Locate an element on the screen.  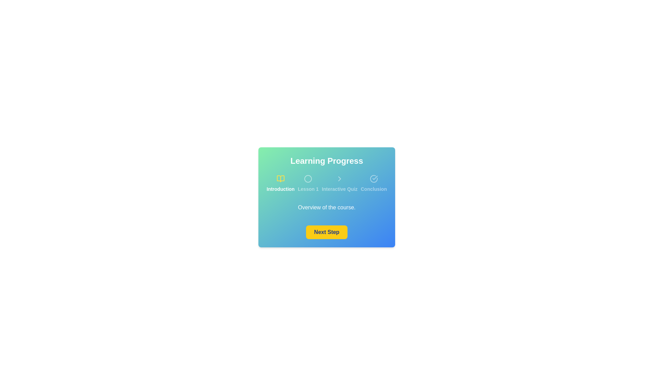
the prominent yellow button labeled 'Next Step' located at the bottom of the 'Learning Progress' section is located at coordinates (326, 232).